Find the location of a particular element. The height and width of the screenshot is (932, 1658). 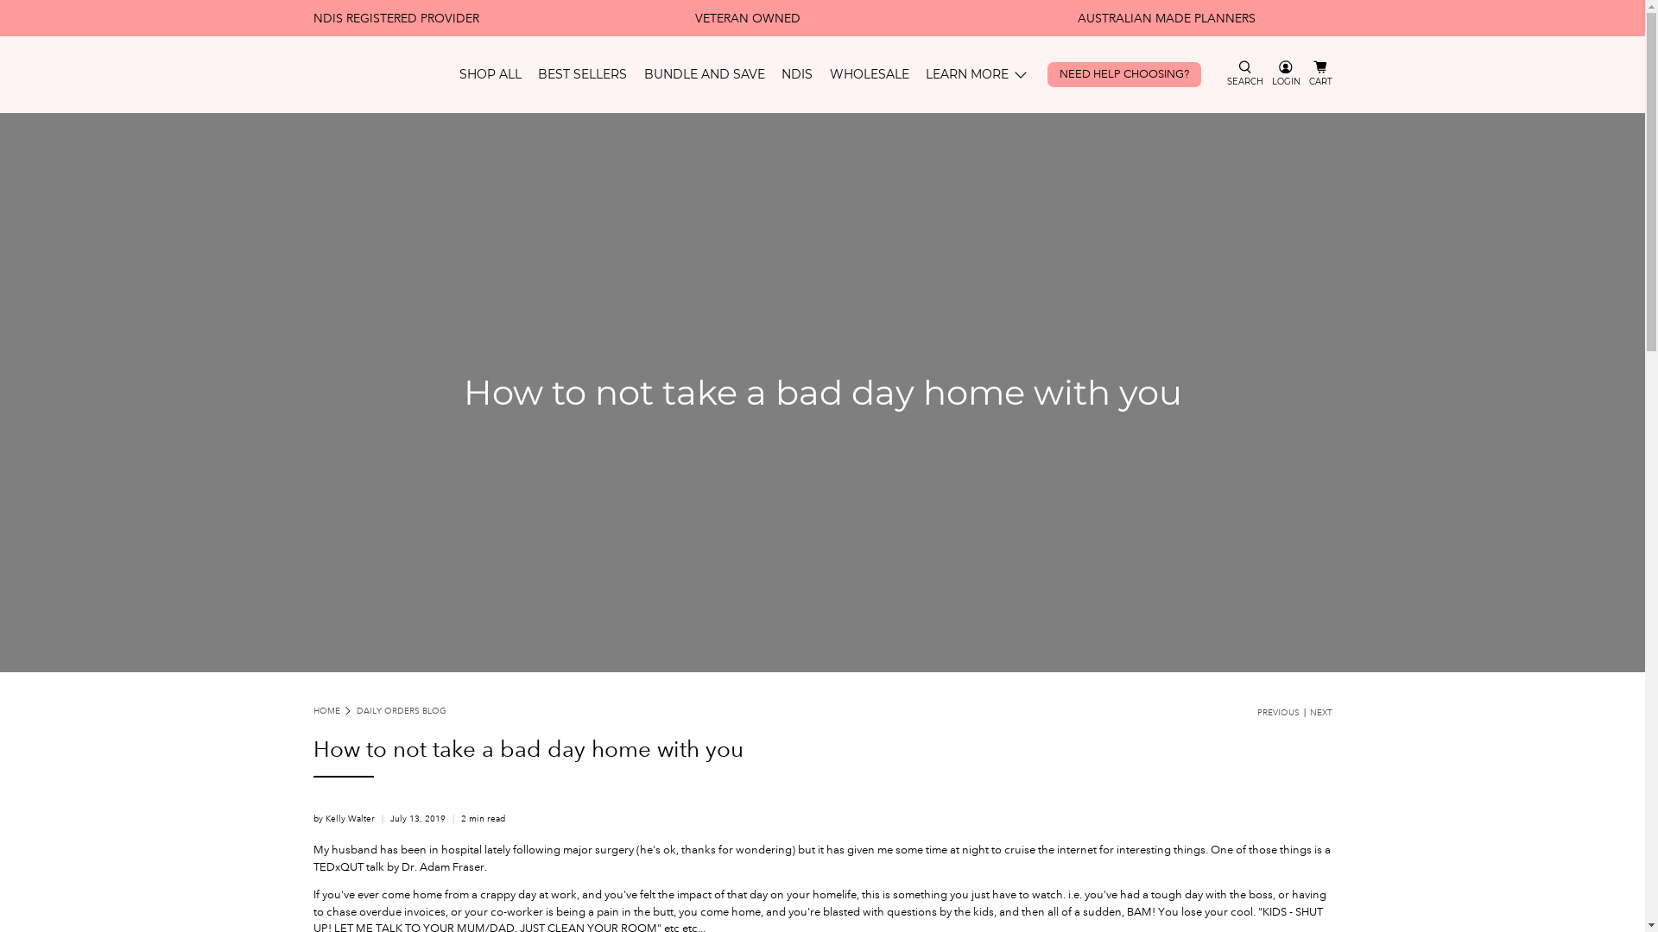

'NEXT' is located at coordinates (1319, 712).